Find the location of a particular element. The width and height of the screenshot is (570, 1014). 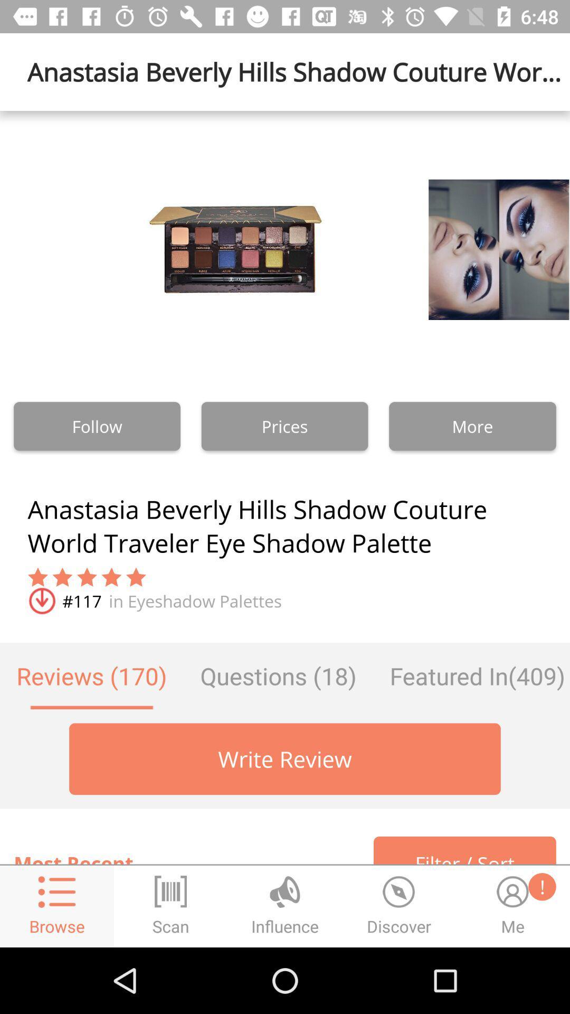

the image above more on the page is located at coordinates (471, 249).